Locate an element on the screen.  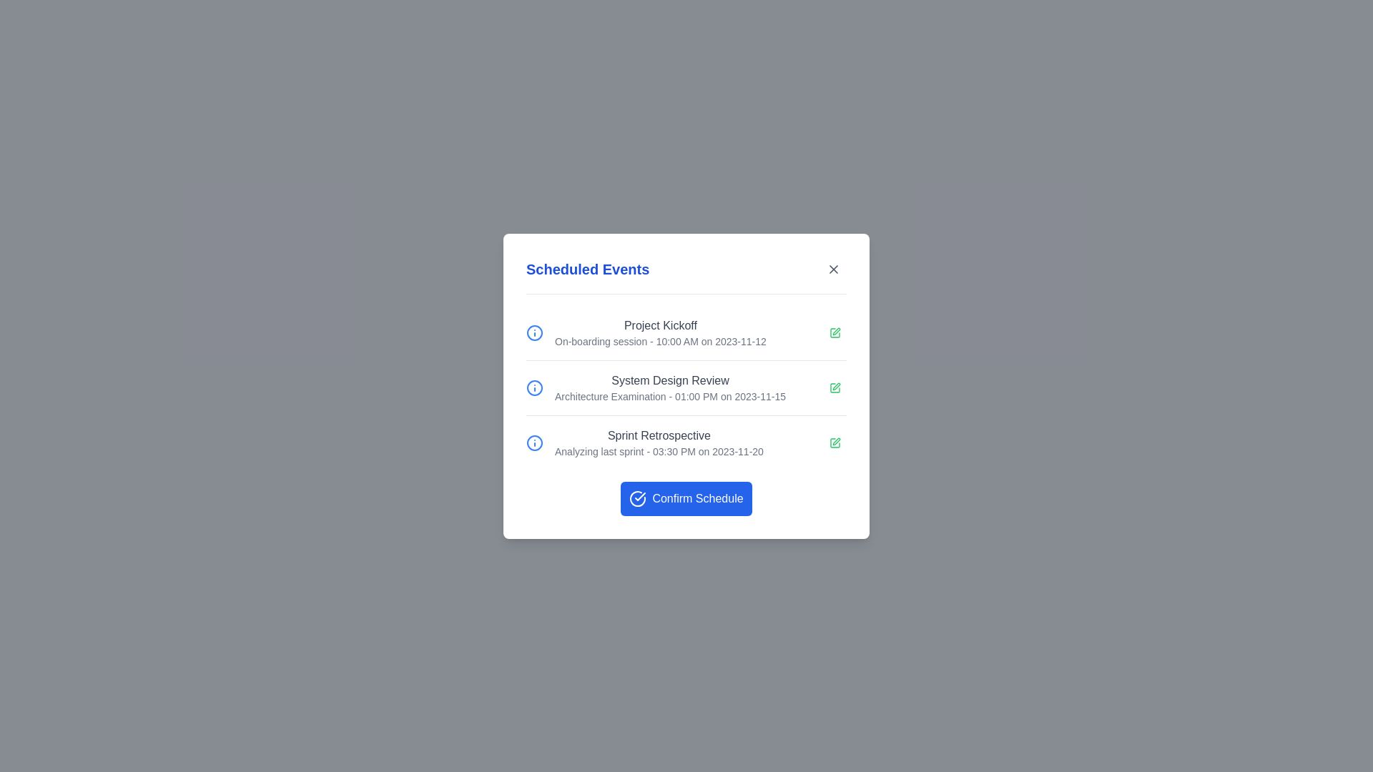
the interactive element Edit Button for System Design Review to observe its hover effect is located at coordinates (835, 387).